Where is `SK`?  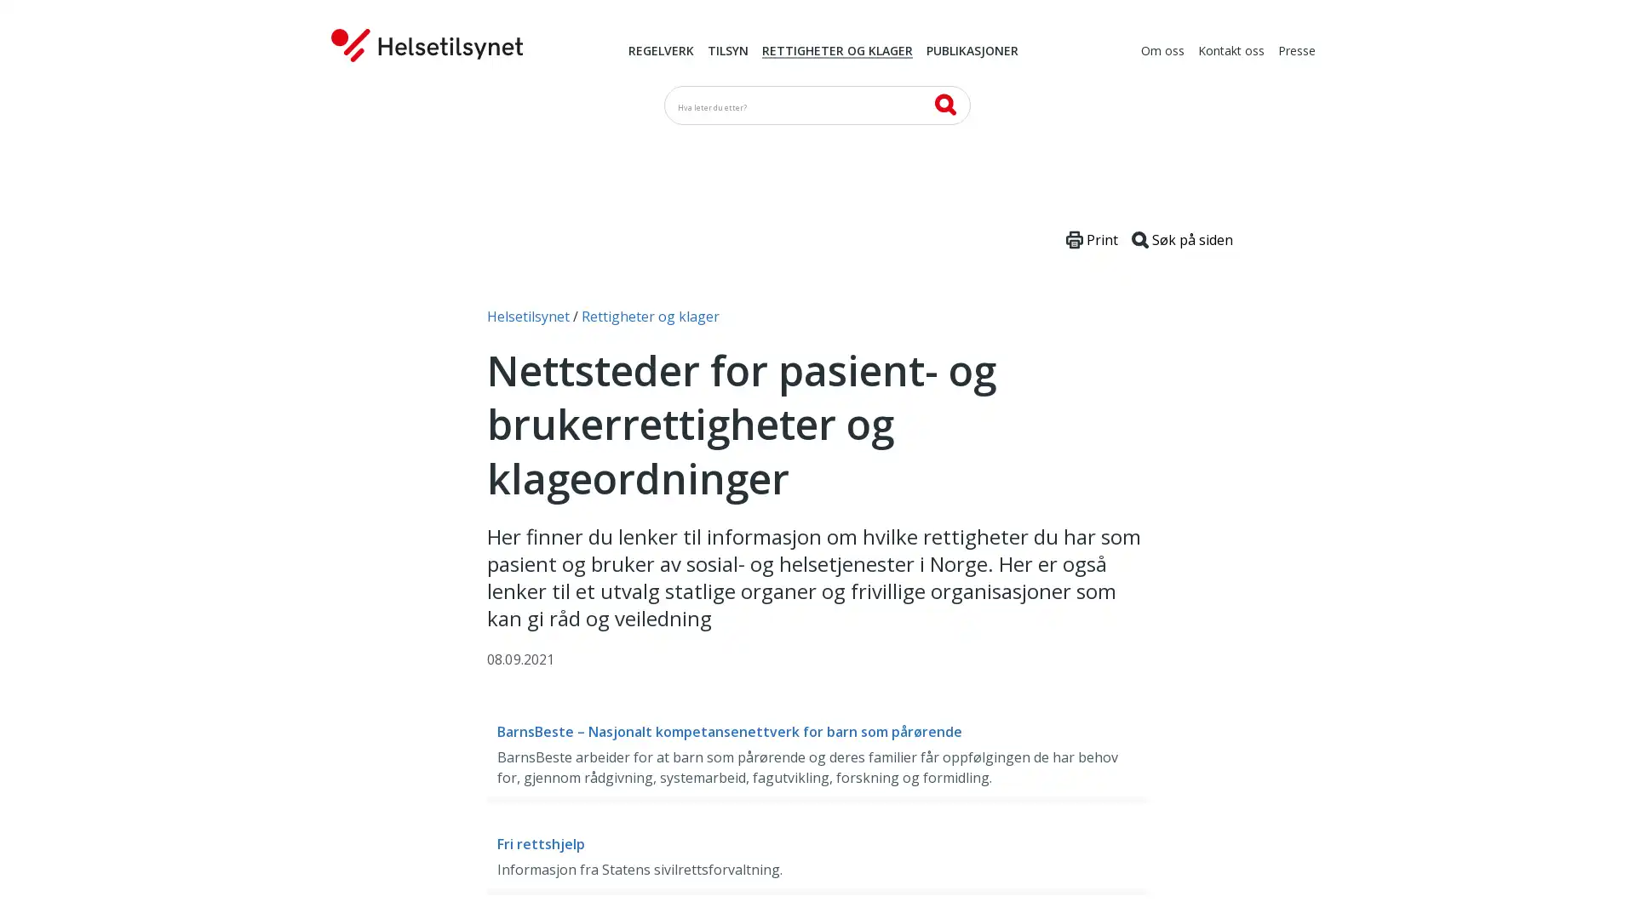
SK is located at coordinates (944, 104).